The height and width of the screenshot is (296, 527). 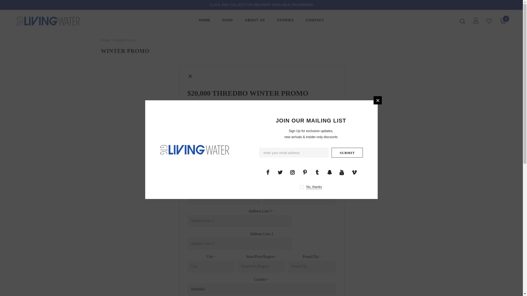 I want to click on 'CONTACT', so click(x=315, y=21).